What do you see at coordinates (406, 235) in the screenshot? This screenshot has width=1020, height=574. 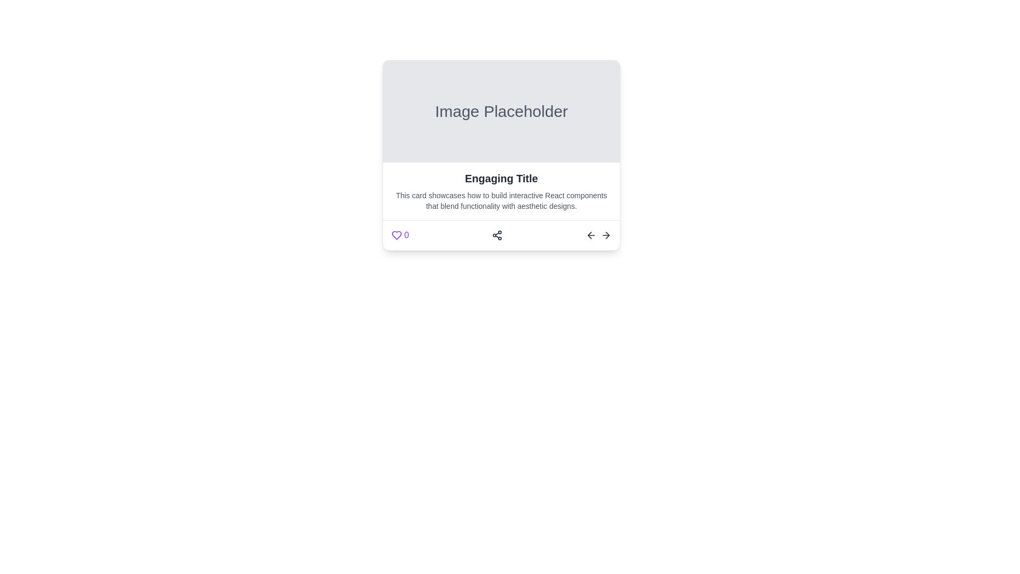 I see `the small numerical text '0' displayed in purple color, located adjacent to a heart icon in the bottom-left corner of the card layout` at bounding box center [406, 235].